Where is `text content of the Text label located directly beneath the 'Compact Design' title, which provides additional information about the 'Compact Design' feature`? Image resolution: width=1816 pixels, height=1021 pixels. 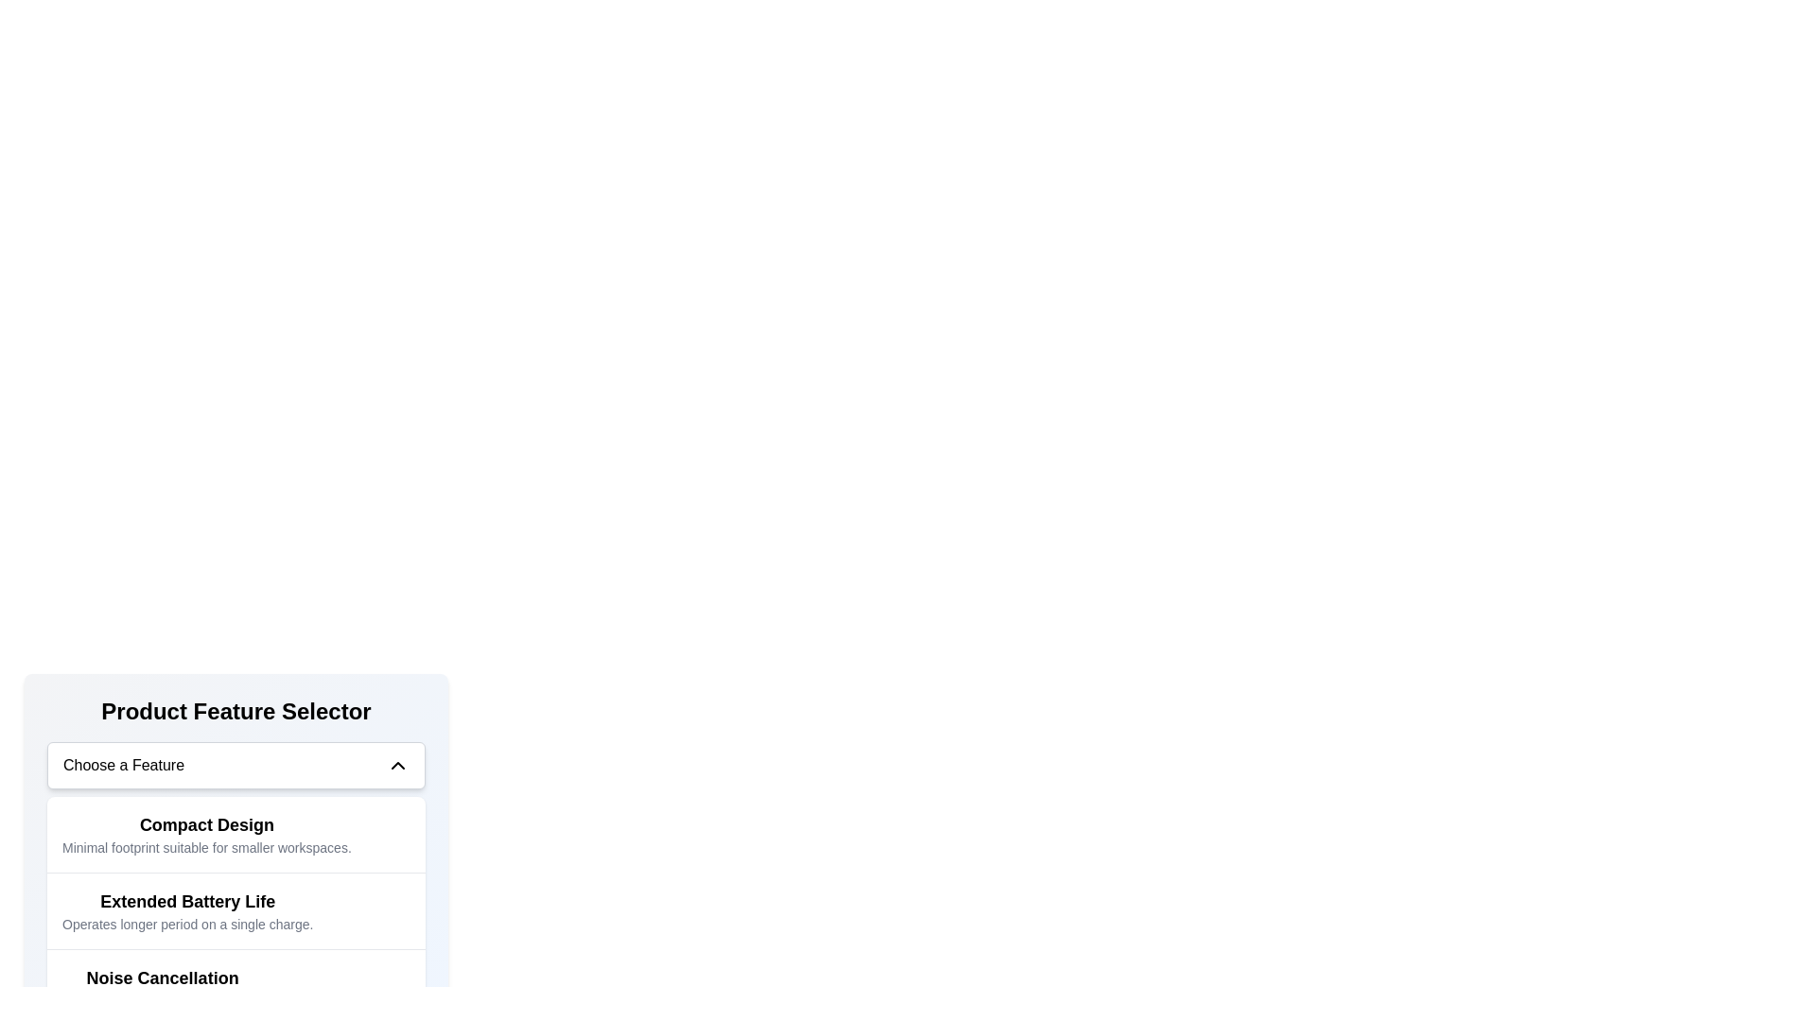 text content of the Text label located directly beneath the 'Compact Design' title, which provides additional information about the 'Compact Design' feature is located at coordinates (206, 847).